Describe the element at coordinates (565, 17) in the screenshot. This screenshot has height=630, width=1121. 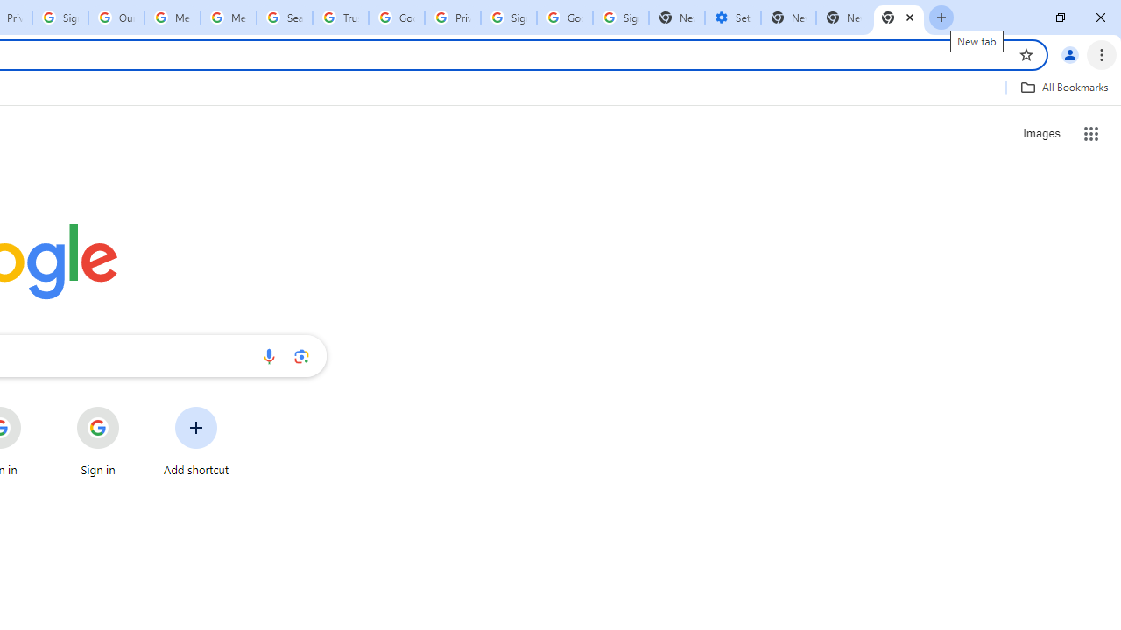
I see `'Google Cybersecurity Innovations - Google Safety Center'` at that location.